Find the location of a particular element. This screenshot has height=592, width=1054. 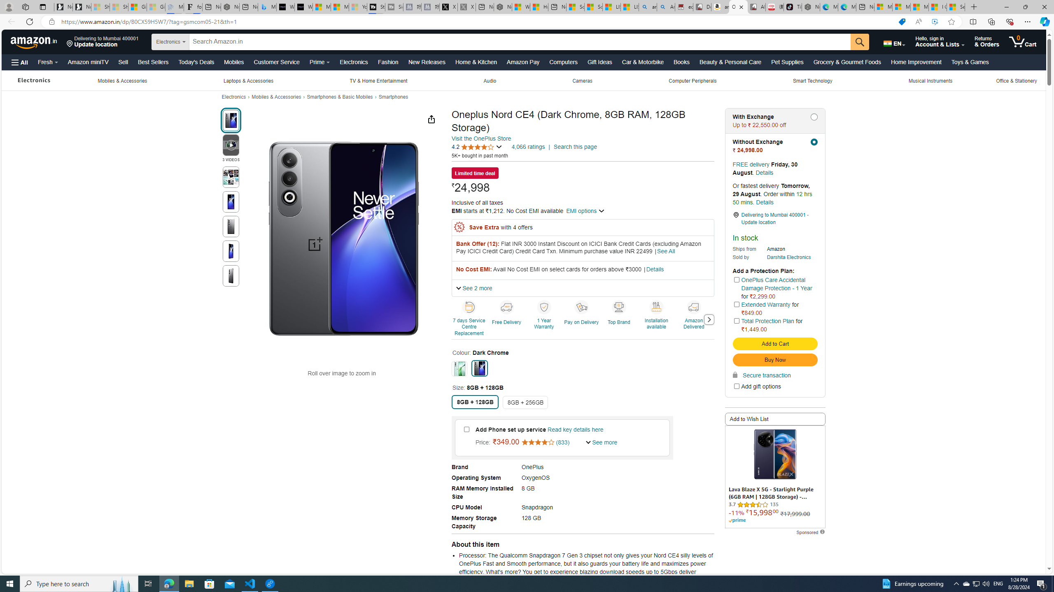

'Smartphones & Basic Mobiles' is located at coordinates (339, 97).